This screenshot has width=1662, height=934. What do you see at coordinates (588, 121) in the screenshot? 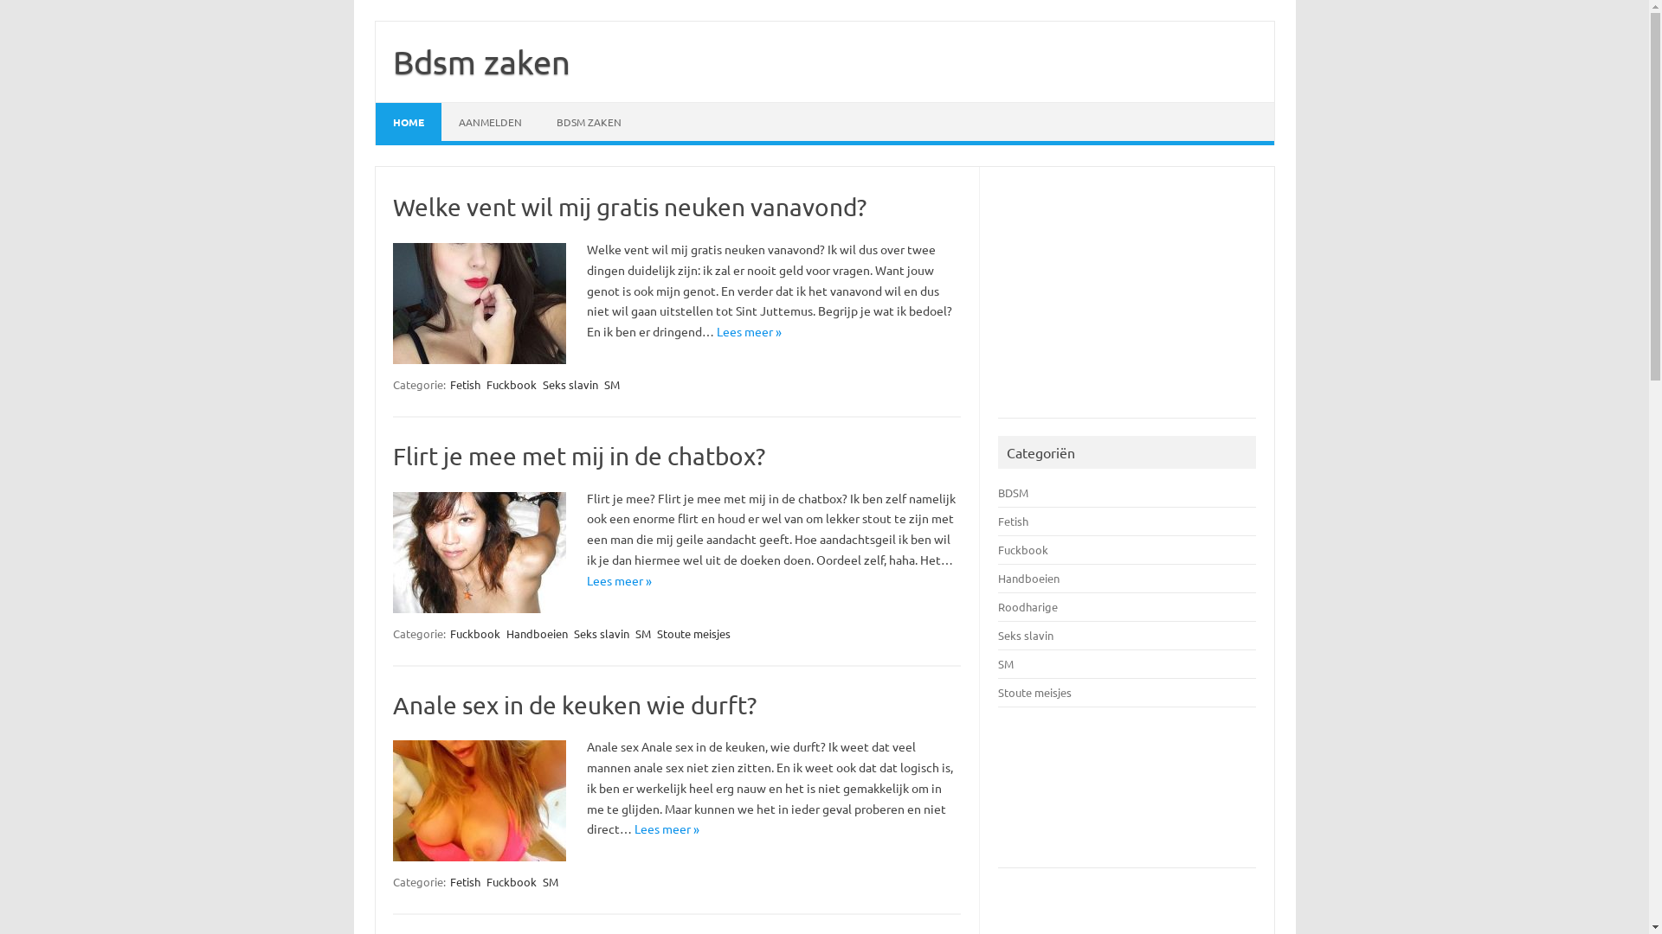
I see `'BDSM ZAKEN'` at bounding box center [588, 121].